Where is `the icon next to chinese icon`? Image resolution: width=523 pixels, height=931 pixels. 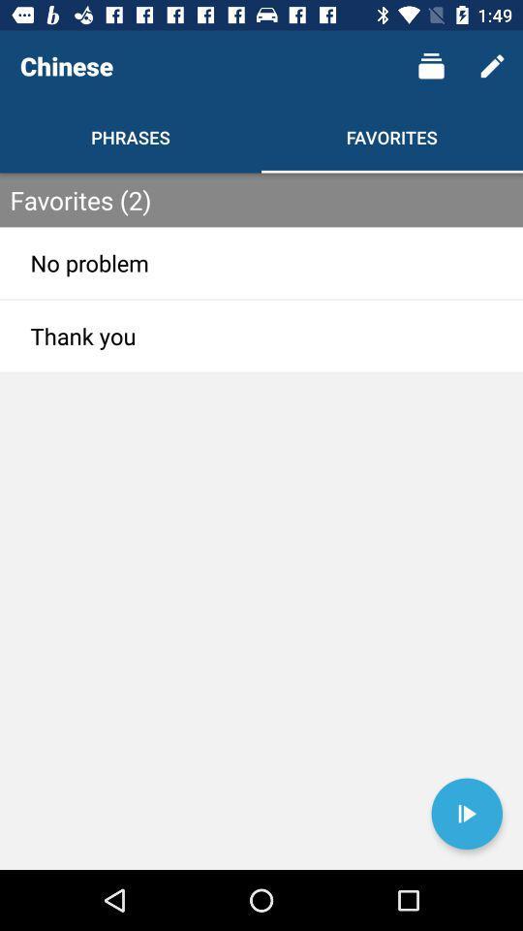
the icon next to chinese icon is located at coordinates (431, 66).